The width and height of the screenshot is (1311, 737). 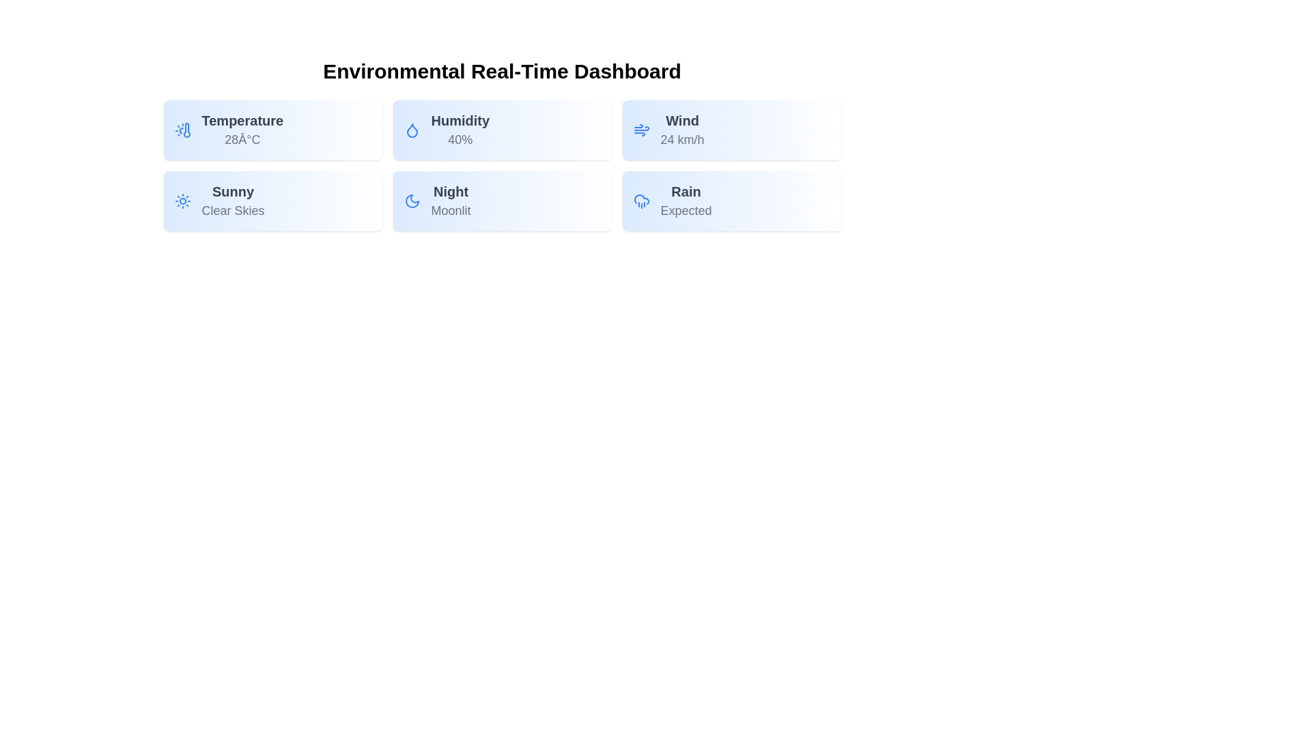 What do you see at coordinates (460, 130) in the screenshot?
I see `the Text-based informational label displaying the current humidity level information, located in the grid layout of cards, positioned between the 'Temperature' and 'Wind' cards` at bounding box center [460, 130].